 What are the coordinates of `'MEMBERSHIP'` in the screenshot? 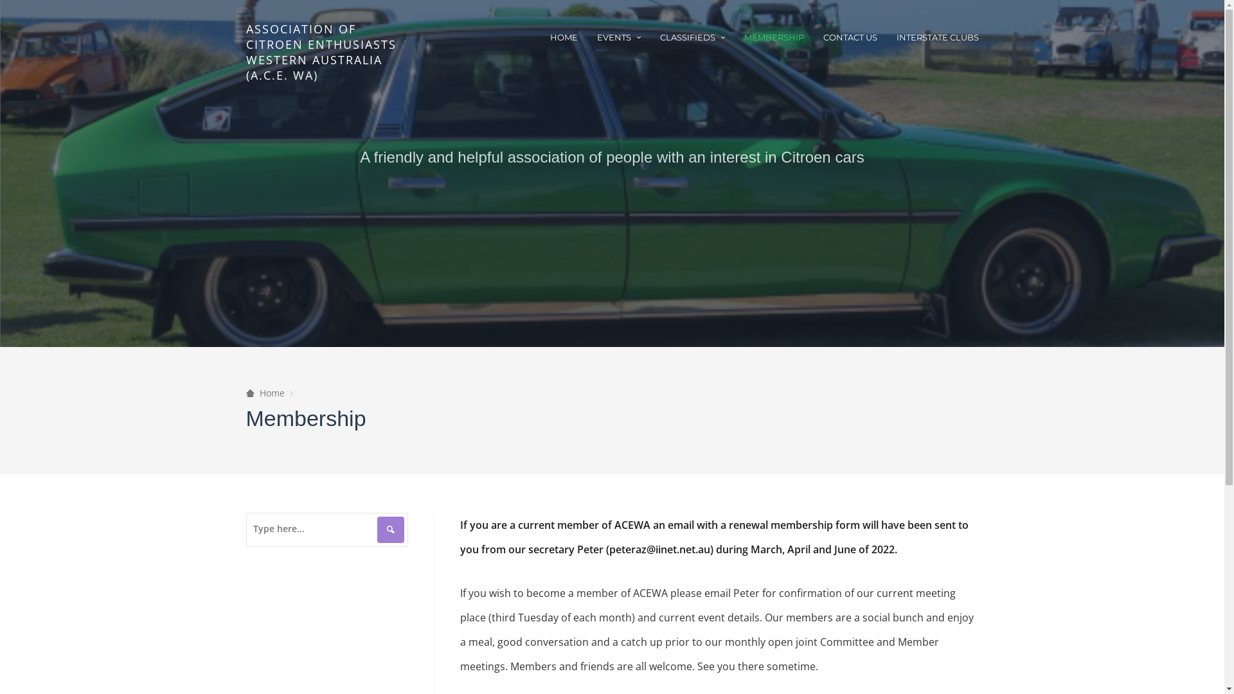 It's located at (773, 36).